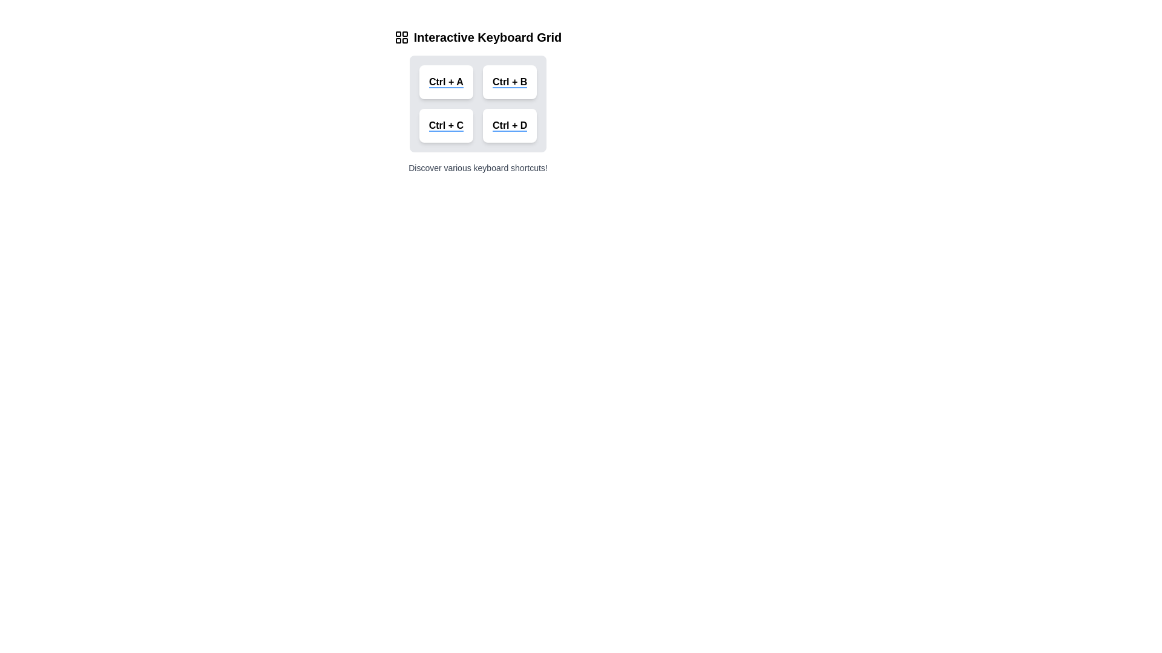  Describe the element at coordinates (478, 36) in the screenshot. I see `the text label indicating the theme or purpose of the content` at that location.